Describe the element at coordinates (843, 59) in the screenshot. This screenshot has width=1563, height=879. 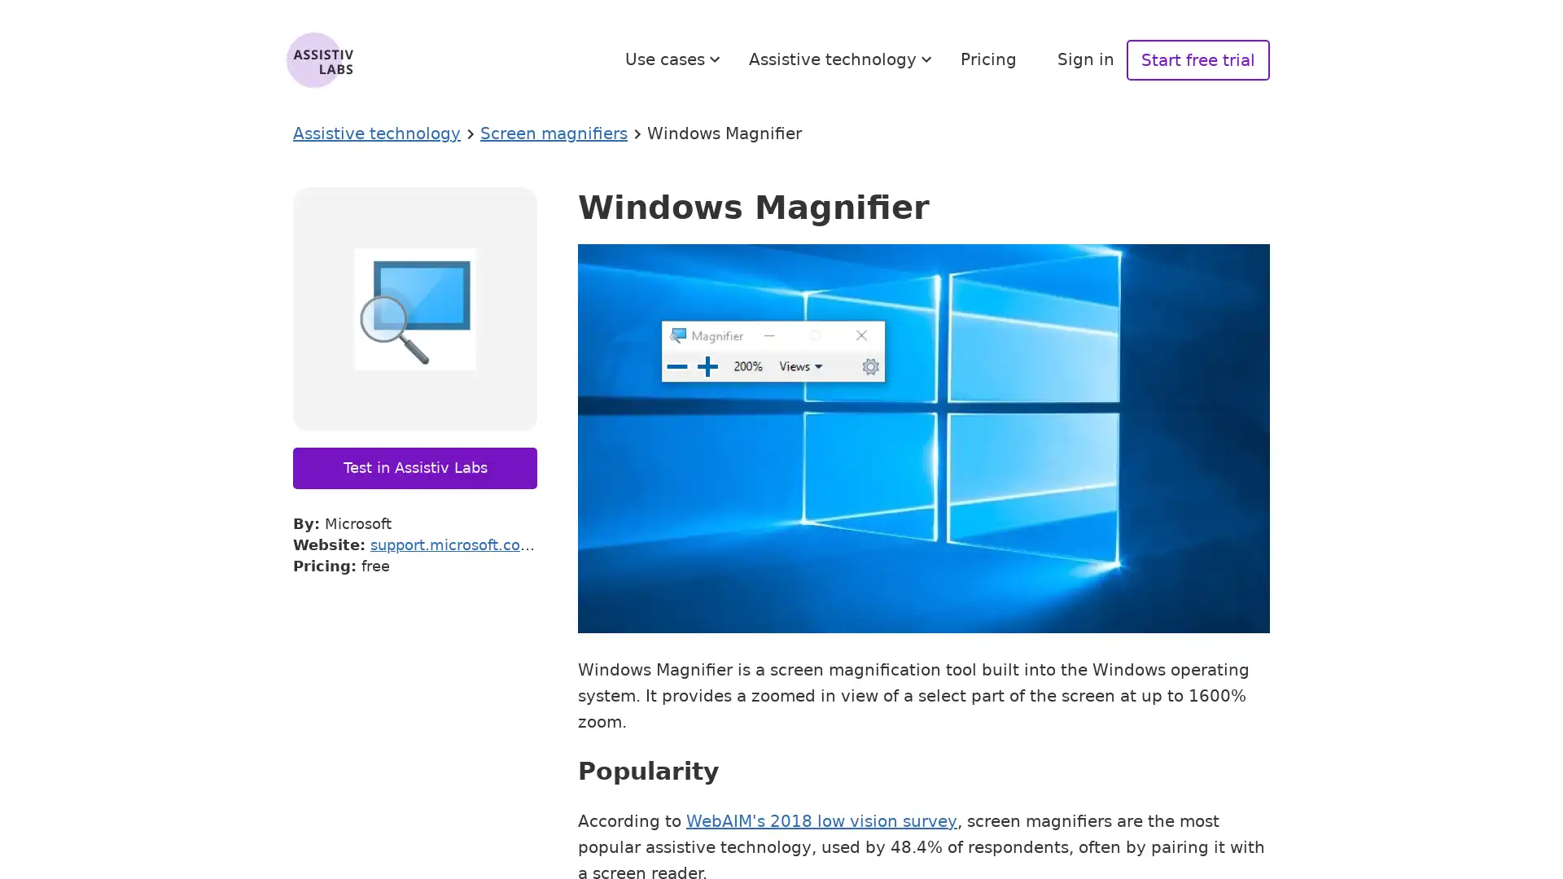
I see `Assistive technology` at that location.